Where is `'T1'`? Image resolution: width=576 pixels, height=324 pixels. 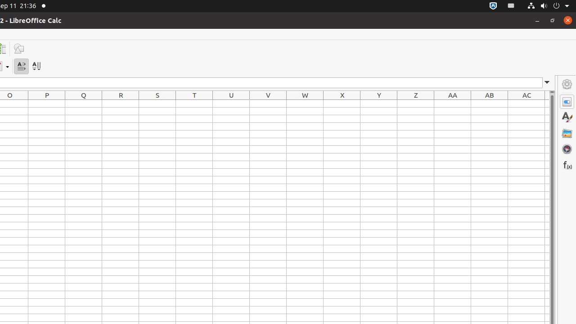 'T1' is located at coordinates (194, 103).